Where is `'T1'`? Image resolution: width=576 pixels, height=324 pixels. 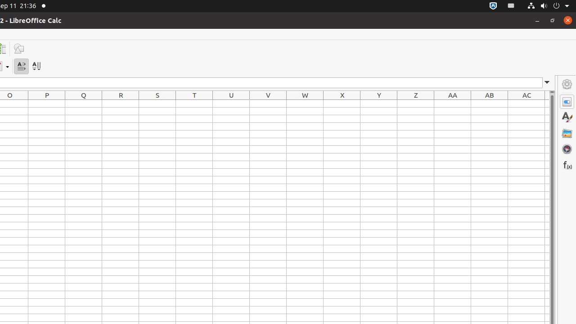 'T1' is located at coordinates (194, 103).